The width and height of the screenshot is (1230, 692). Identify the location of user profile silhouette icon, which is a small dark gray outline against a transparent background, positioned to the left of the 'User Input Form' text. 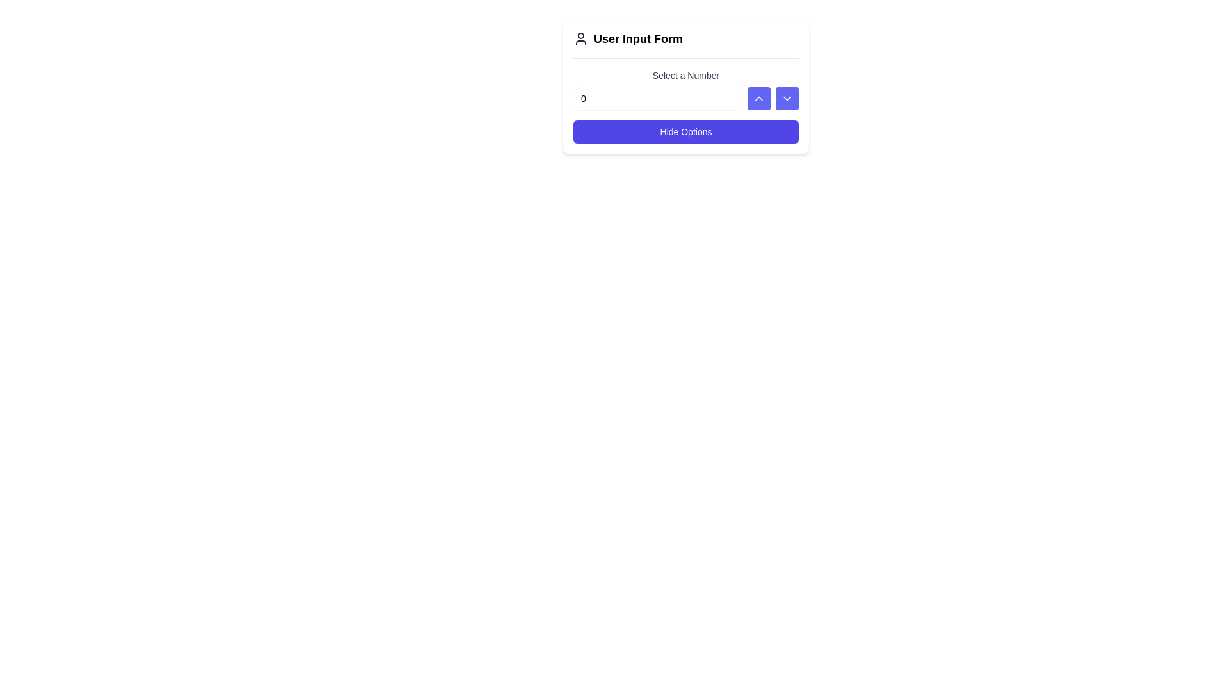
(580, 38).